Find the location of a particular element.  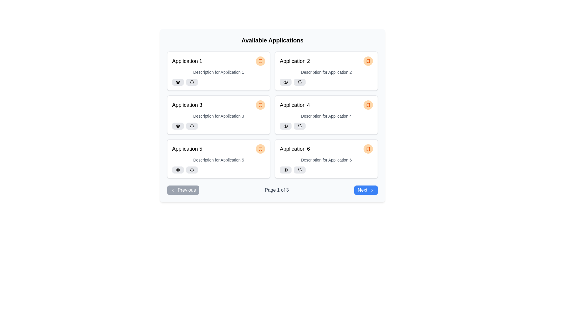

the visual indicator icon for 'Application 4', which is positioned to the left of the bell icon and directly under the application title and description is located at coordinates (285, 126).